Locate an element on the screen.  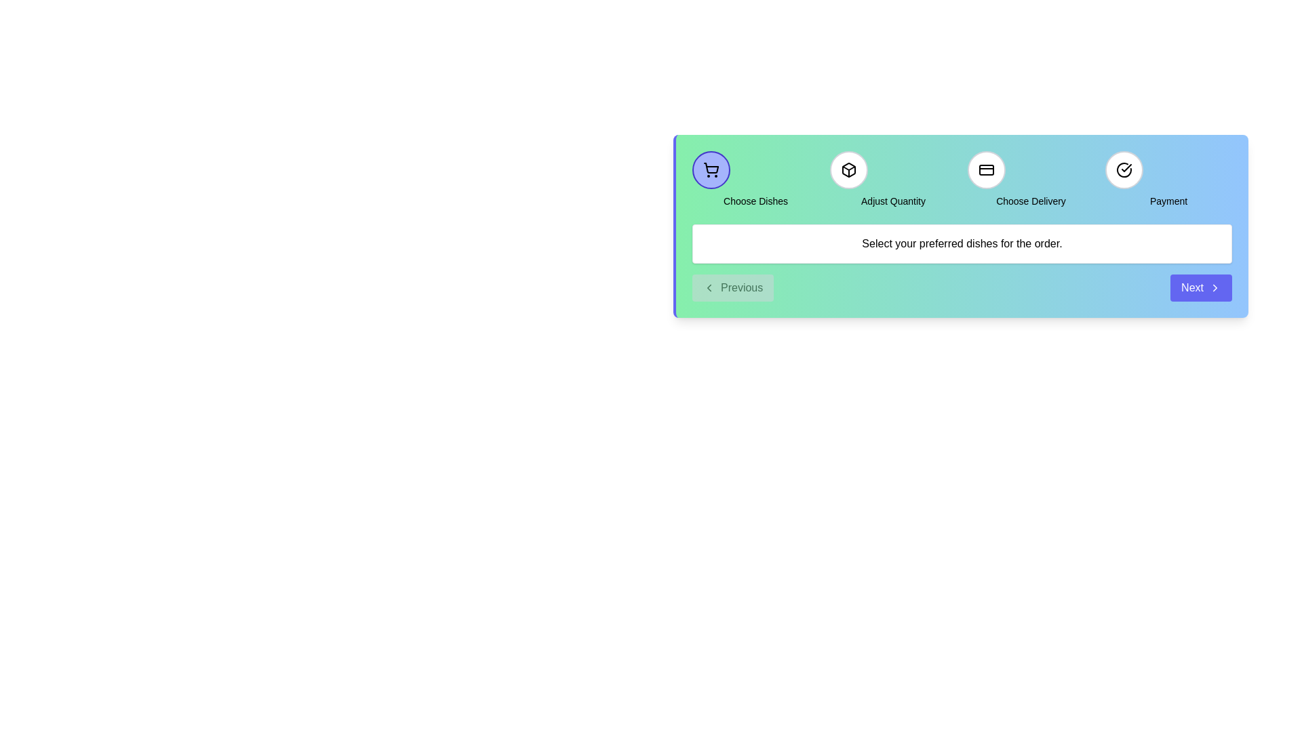
the second circular button with an icon labeled 'Adjust Quantity' is located at coordinates (848, 169).